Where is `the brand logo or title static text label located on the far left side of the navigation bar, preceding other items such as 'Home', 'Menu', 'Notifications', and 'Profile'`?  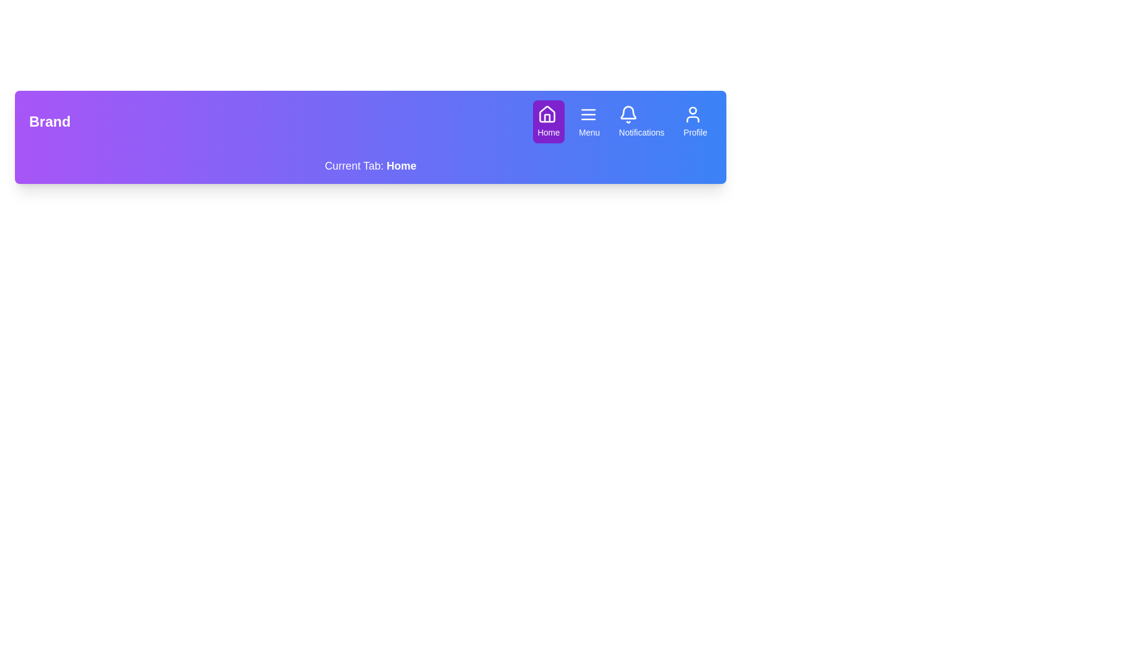 the brand logo or title static text label located on the far left side of the navigation bar, preceding other items such as 'Home', 'Menu', 'Notifications', and 'Profile' is located at coordinates (49, 122).